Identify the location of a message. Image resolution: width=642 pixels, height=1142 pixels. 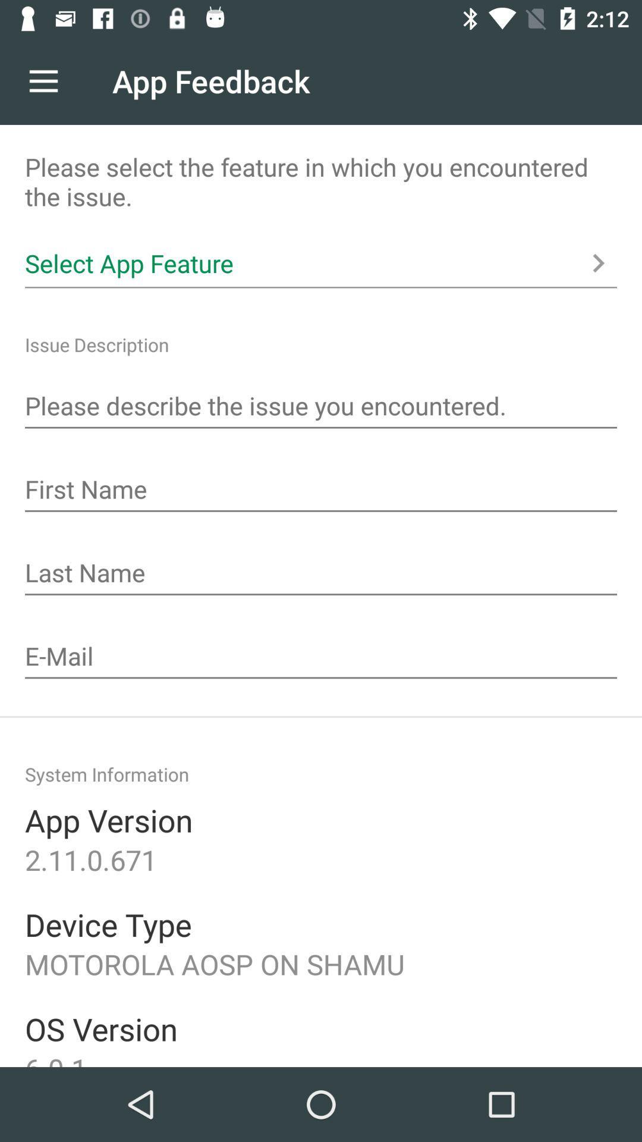
(321, 407).